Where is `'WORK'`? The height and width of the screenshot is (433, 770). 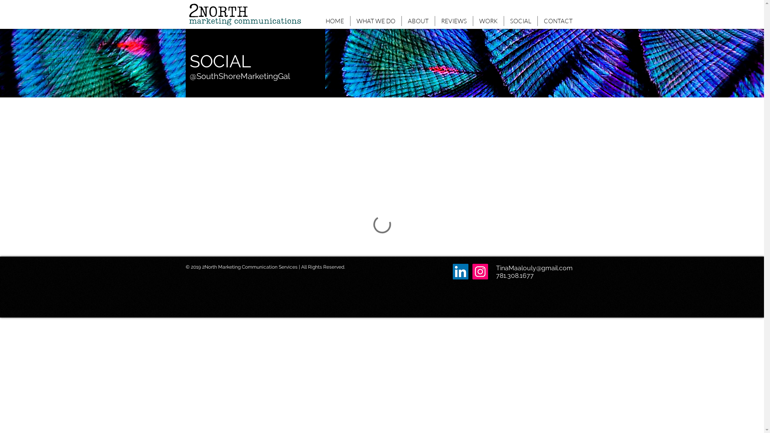 'WORK' is located at coordinates (488, 20).